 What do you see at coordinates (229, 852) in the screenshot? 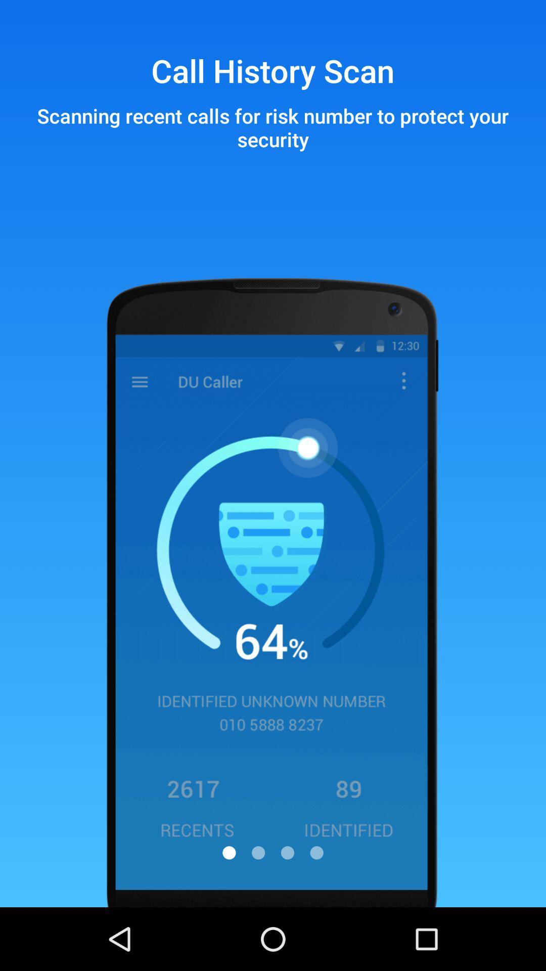
I see `the app below the scanning recent calls icon` at bounding box center [229, 852].